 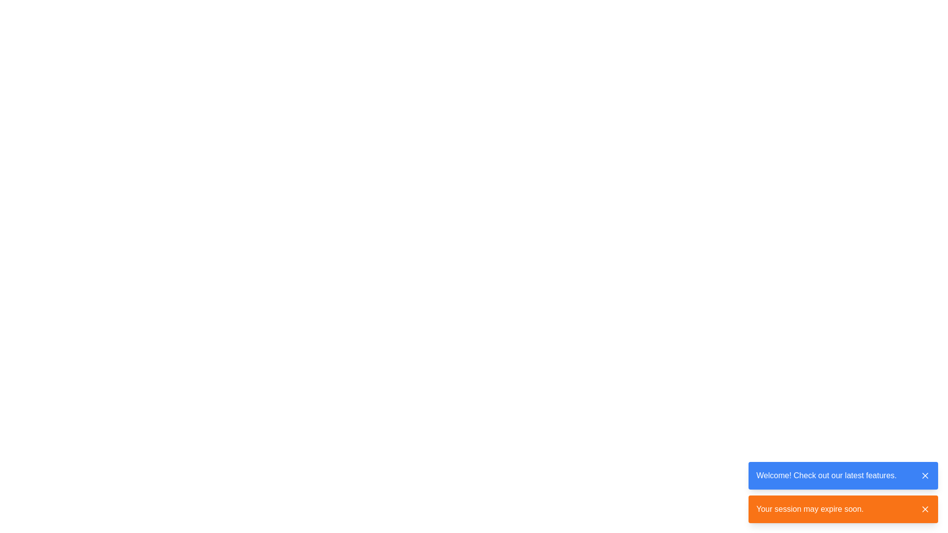 I want to click on the small close button with an 'X' icon in the top-right corner of the blue notification bar to change its color, so click(x=924, y=475).